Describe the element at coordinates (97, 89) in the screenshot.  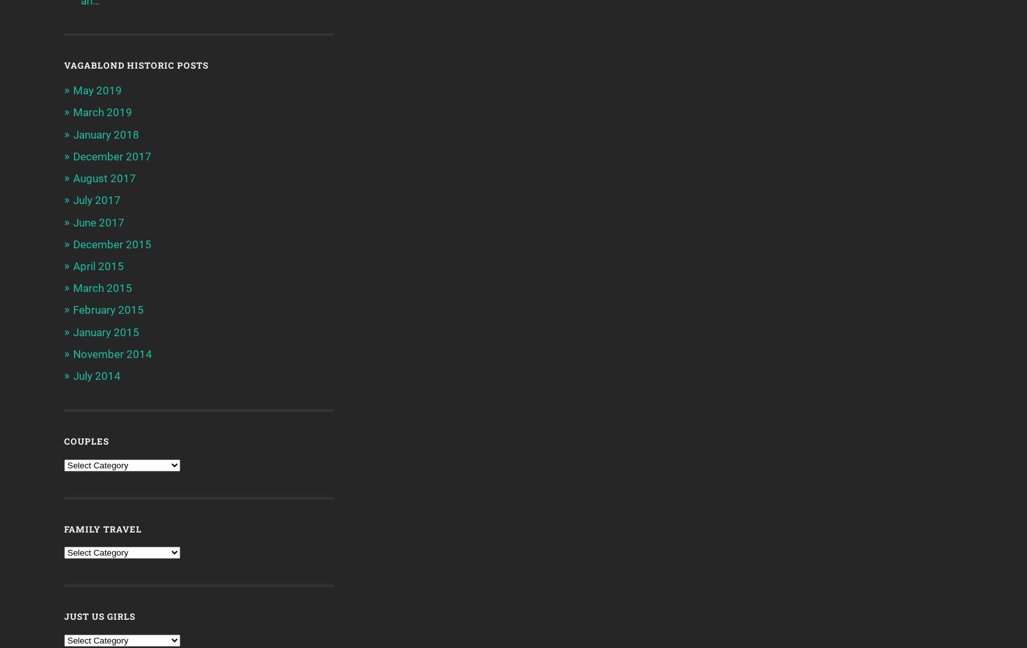
I see `'May 2019'` at that location.